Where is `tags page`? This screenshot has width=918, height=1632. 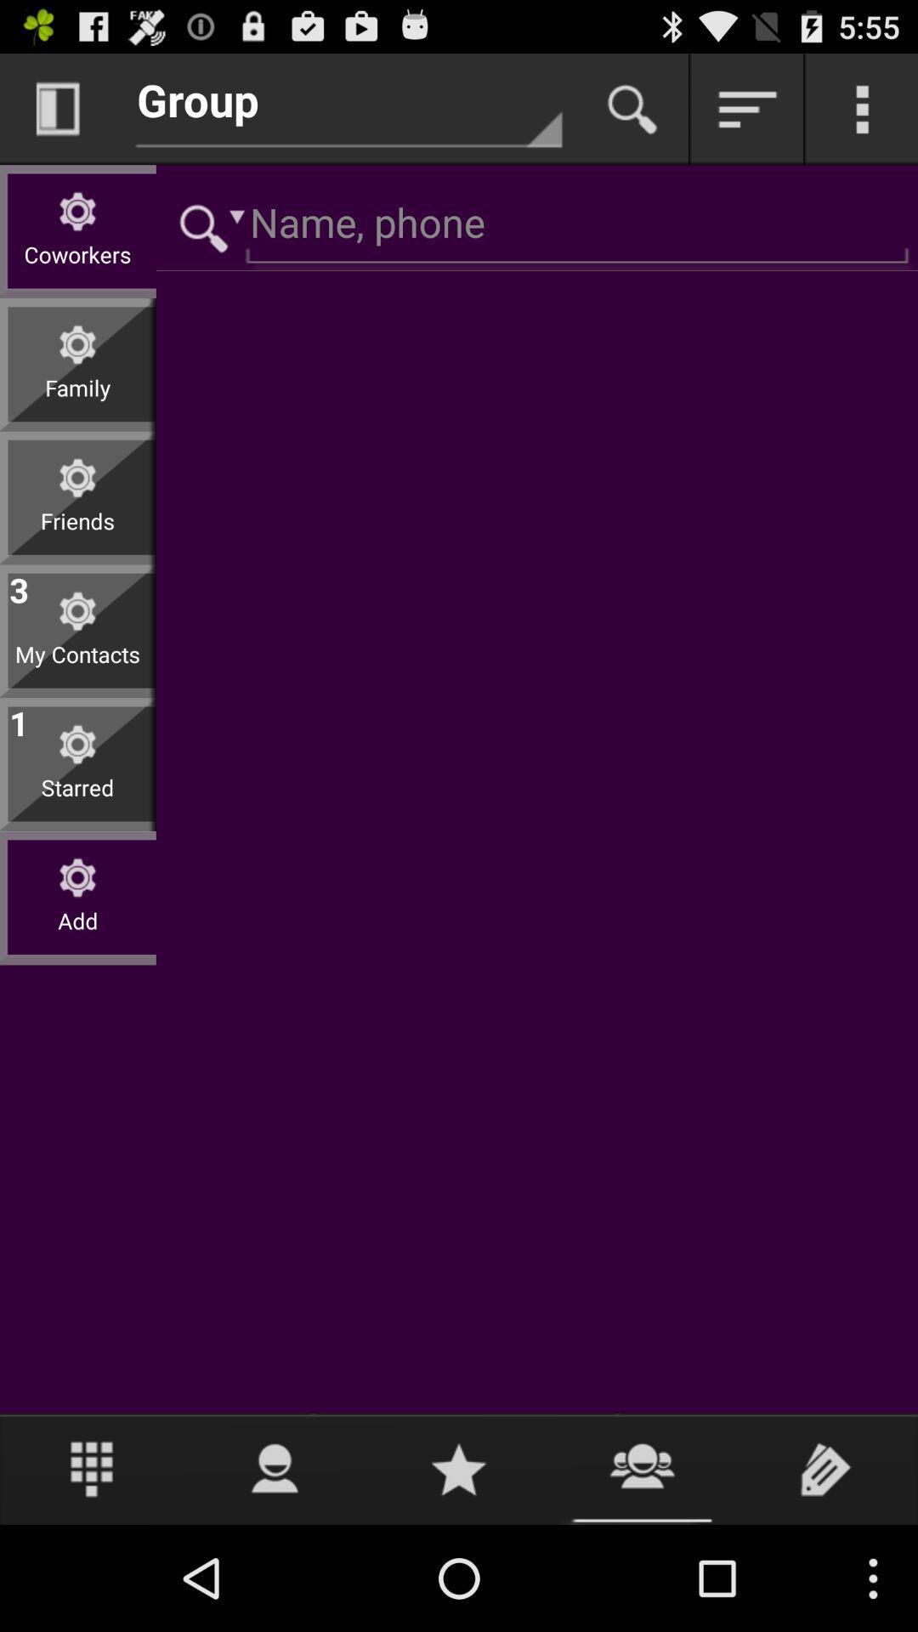 tags page is located at coordinates (825, 1468).